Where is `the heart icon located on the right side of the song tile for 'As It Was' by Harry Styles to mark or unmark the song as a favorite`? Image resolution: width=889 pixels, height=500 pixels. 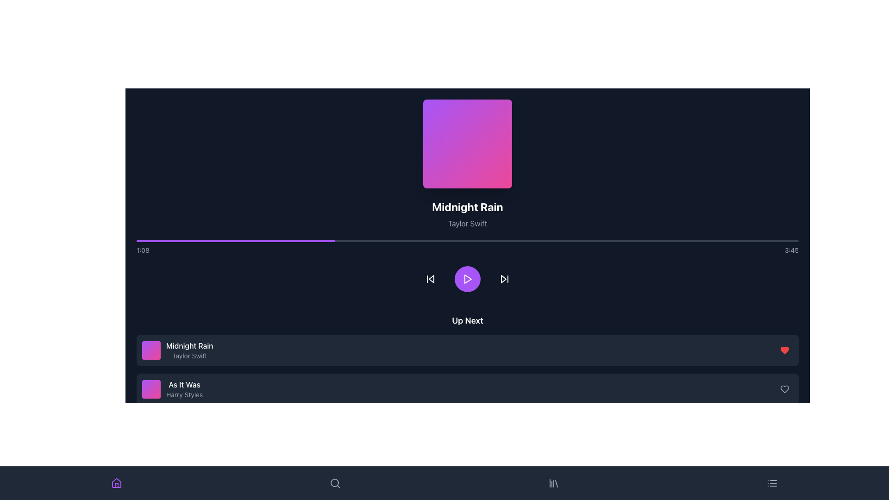 the heart icon located on the right side of the song tile for 'As It Was' by Harry Styles to mark or unmark the song as a favorite is located at coordinates (784, 350).